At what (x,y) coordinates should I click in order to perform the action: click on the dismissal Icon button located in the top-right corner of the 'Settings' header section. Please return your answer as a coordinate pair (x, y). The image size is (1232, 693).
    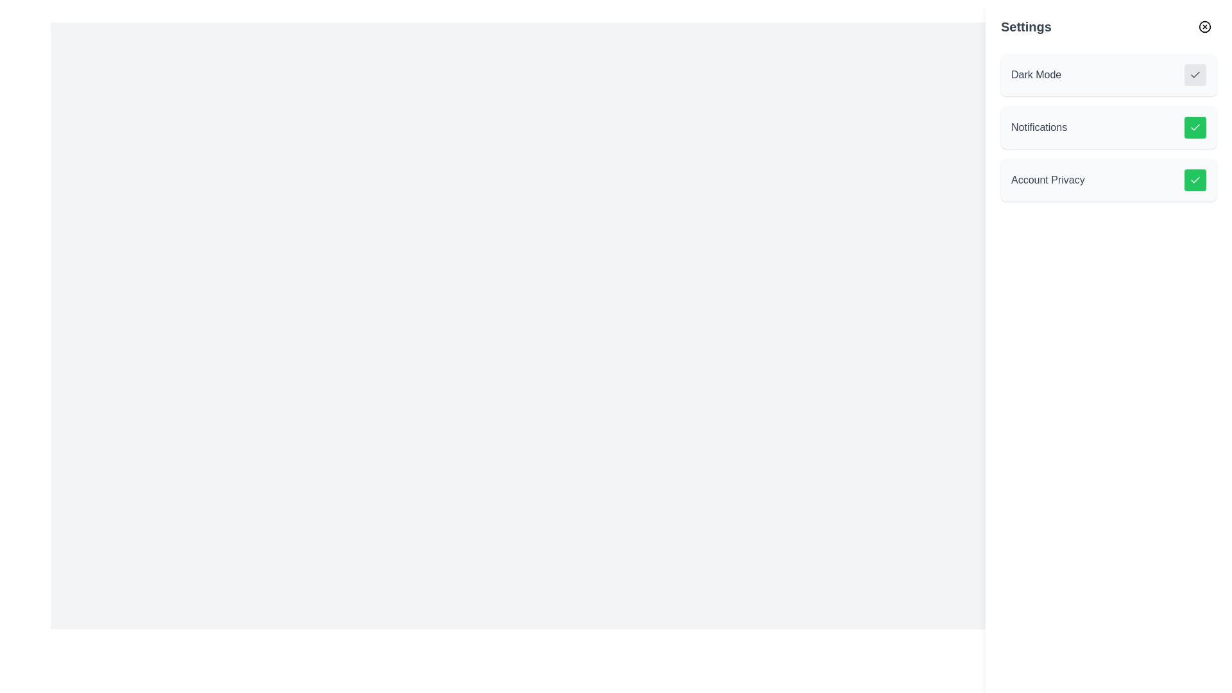
    Looking at the image, I should click on (1204, 27).